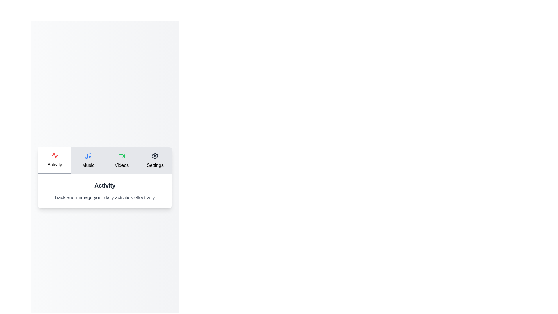 The image size is (558, 314). I want to click on the Videos tab to view its content, so click(121, 160).